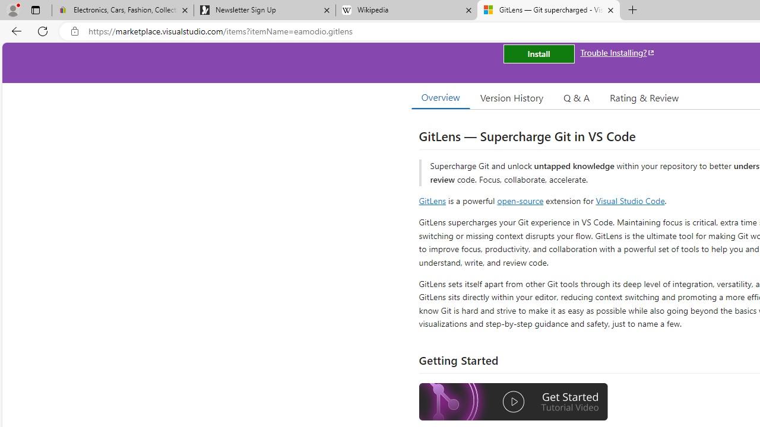 This screenshot has height=427, width=760. What do you see at coordinates (520, 200) in the screenshot?
I see `'open-source'` at bounding box center [520, 200].